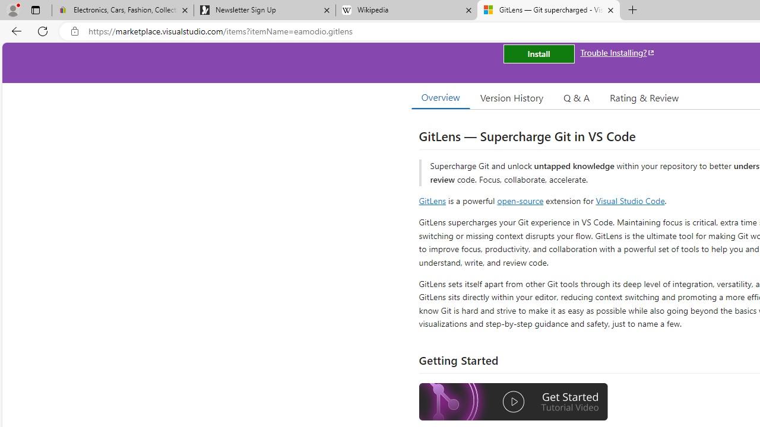 This screenshot has height=427, width=760. What do you see at coordinates (520, 200) in the screenshot?
I see `'open-source'` at bounding box center [520, 200].